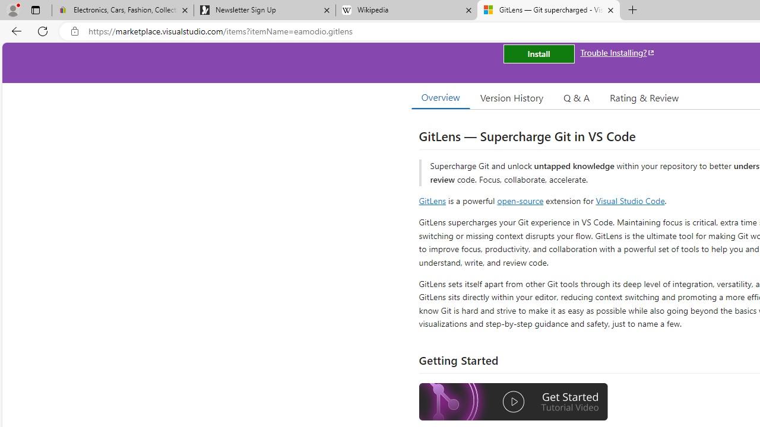 This screenshot has height=427, width=760. What do you see at coordinates (520, 200) in the screenshot?
I see `'open-source'` at bounding box center [520, 200].